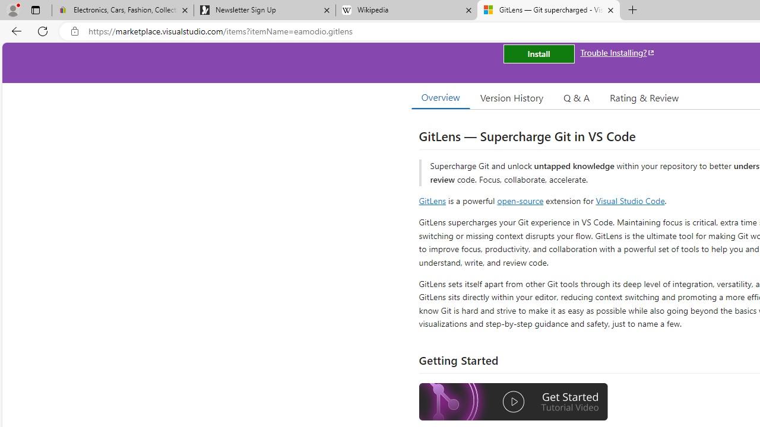 This screenshot has height=427, width=760. What do you see at coordinates (520, 200) in the screenshot?
I see `'open-source'` at bounding box center [520, 200].